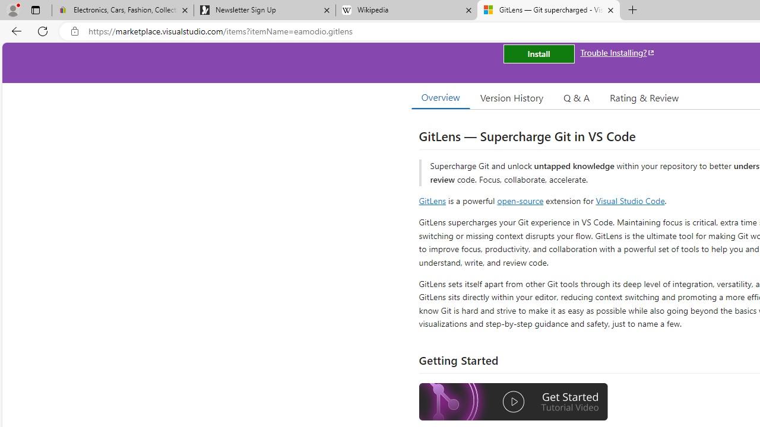 This screenshot has height=427, width=760. What do you see at coordinates (520, 200) in the screenshot?
I see `'open-source'` at bounding box center [520, 200].